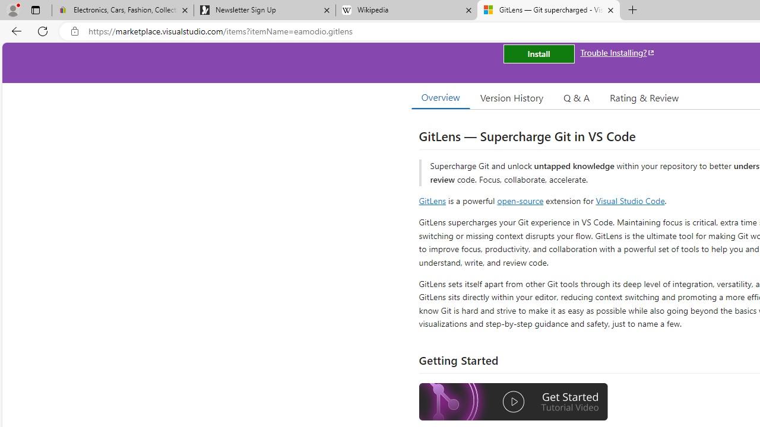 This screenshot has height=427, width=760. What do you see at coordinates (520, 200) in the screenshot?
I see `'open-source'` at bounding box center [520, 200].